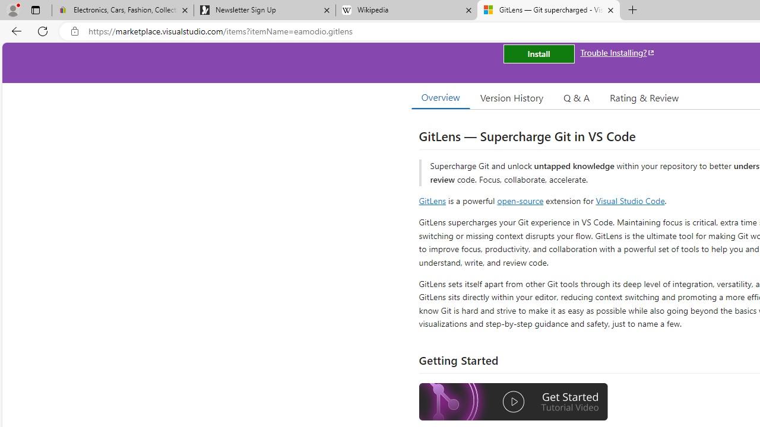 This screenshot has height=427, width=760. What do you see at coordinates (520, 200) in the screenshot?
I see `'open-source'` at bounding box center [520, 200].